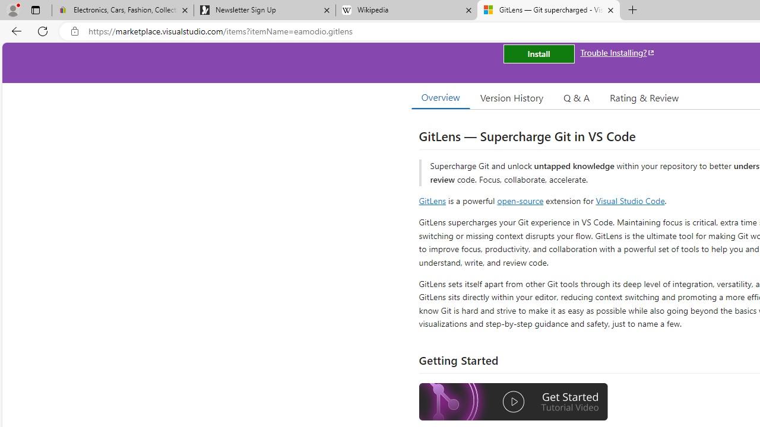 This screenshot has height=427, width=760. What do you see at coordinates (520, 200) in the screenshot?
I see `'open-source'` at bounding box center [520, 200].